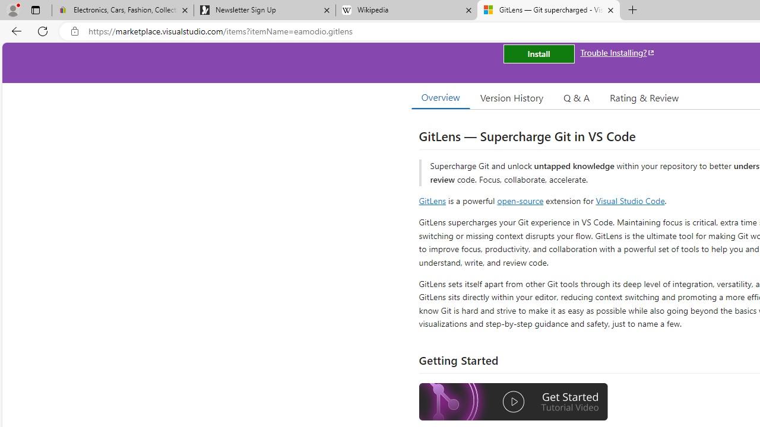 This screenshot has height=427, width=760. What do you see at coordinates (520, 200) in the screenshot?
I see `'open-source'` at bounding box center [520, 200].